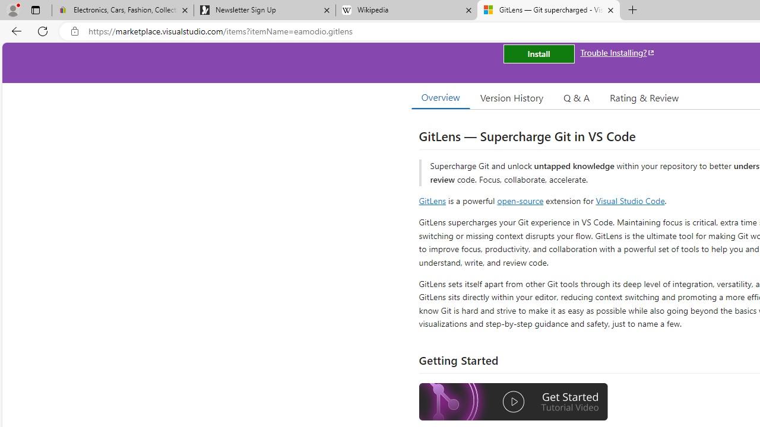 This screenshot has height=427, width=760. What do you see at coordinates (520, 200) in the screenshot?
I see `'open-source'` at bounding box center [520, 200].